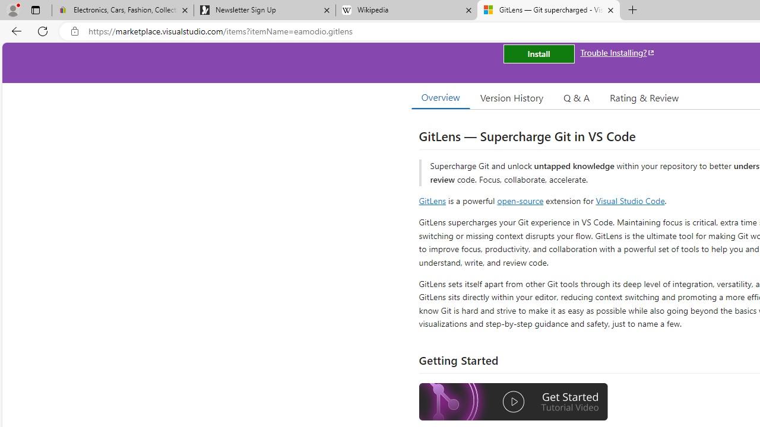 This screenshot has height=427, width=760. What do you see at coordinates (520, 200) in the screenshot?
I see `'open-source'` at bounding box center [520, 200].